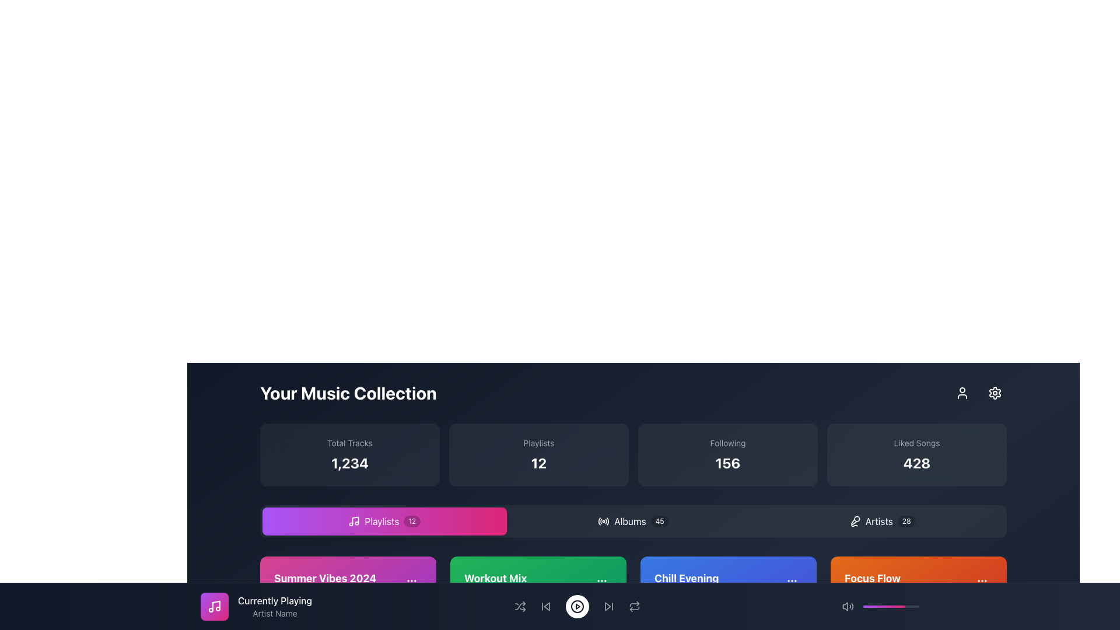 The width and height of the screenshot is (1120, 630). Describe the element at coordinates (274, 613) in the screenshot. I see `the static text label displaying 'Artist Name' in light gray, located beneath the 'Currently Playing' text and near the navigation bar` at that location.